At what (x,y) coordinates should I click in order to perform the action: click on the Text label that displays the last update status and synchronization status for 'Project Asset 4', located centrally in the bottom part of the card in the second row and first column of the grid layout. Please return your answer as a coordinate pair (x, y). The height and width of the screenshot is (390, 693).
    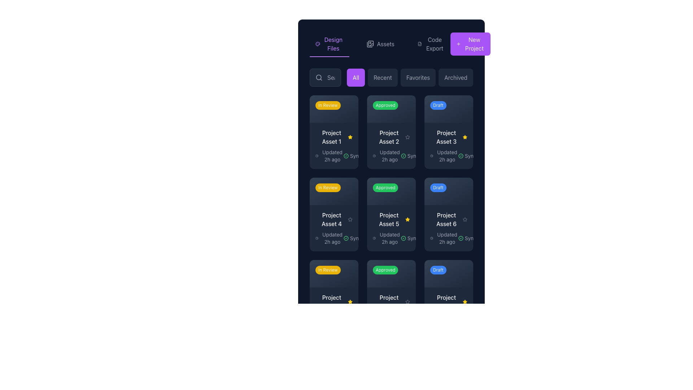
    Looking at the image, I should click on (334, 238).